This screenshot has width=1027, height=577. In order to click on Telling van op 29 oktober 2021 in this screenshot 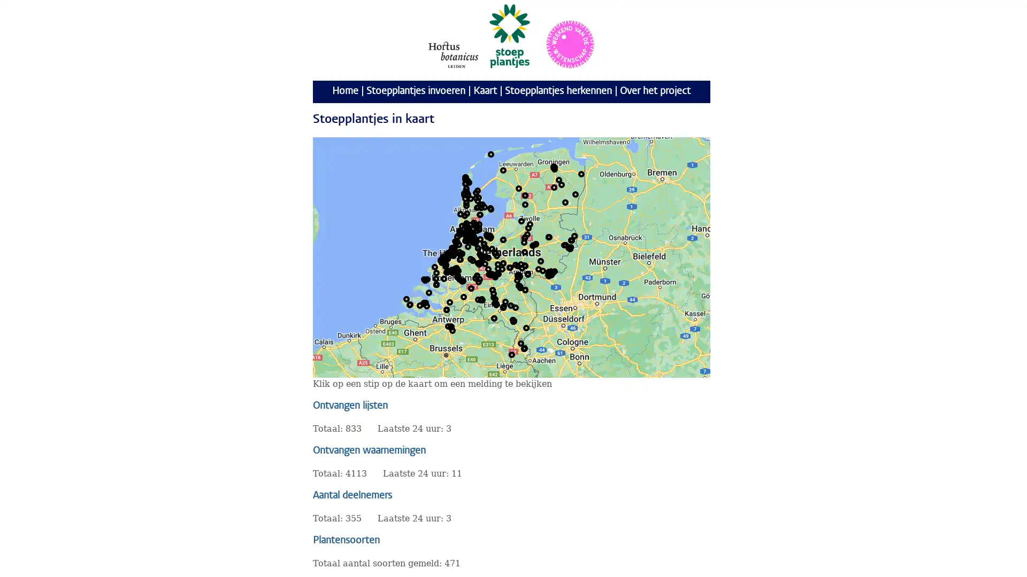, I will do `click(465, 232)`.